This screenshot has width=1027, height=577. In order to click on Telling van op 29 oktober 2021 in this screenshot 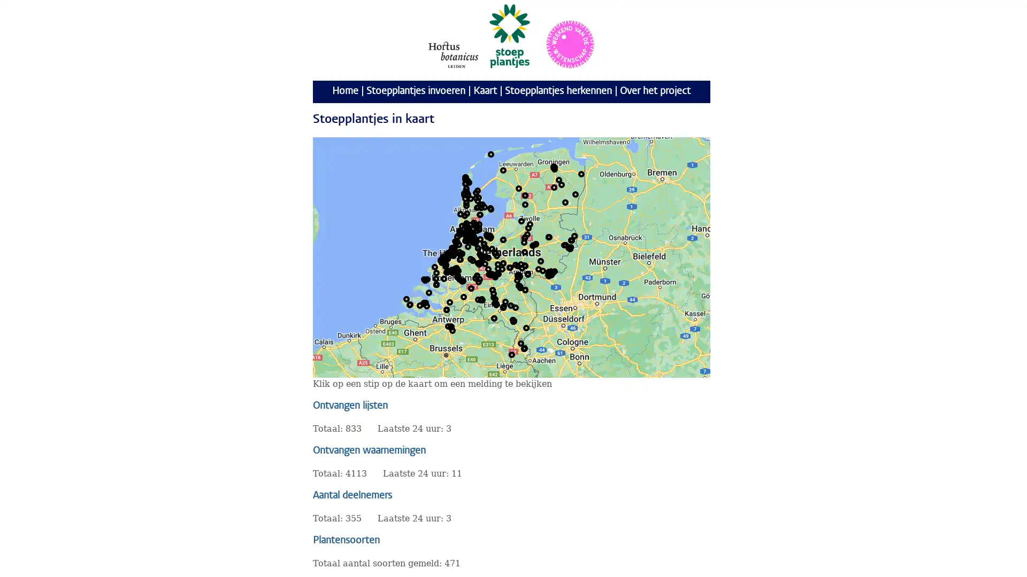, I will do `click(465, 232)`.